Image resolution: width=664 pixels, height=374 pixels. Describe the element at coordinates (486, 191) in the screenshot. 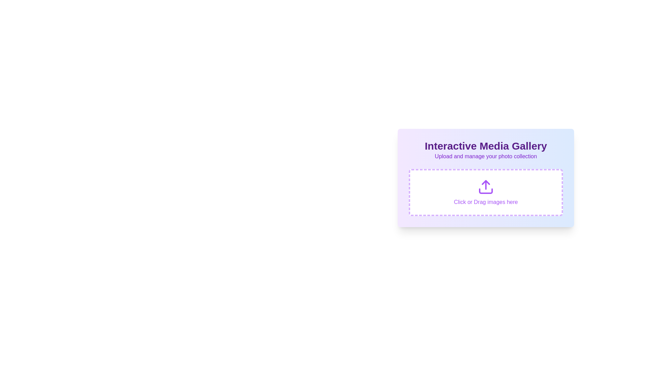

I see `the bottom part of the upload icon, which is located centrally within the dashed-bordered rectangle labeled 'Click or Drag images here' under 'Interactive Media Gallery'` at that location.